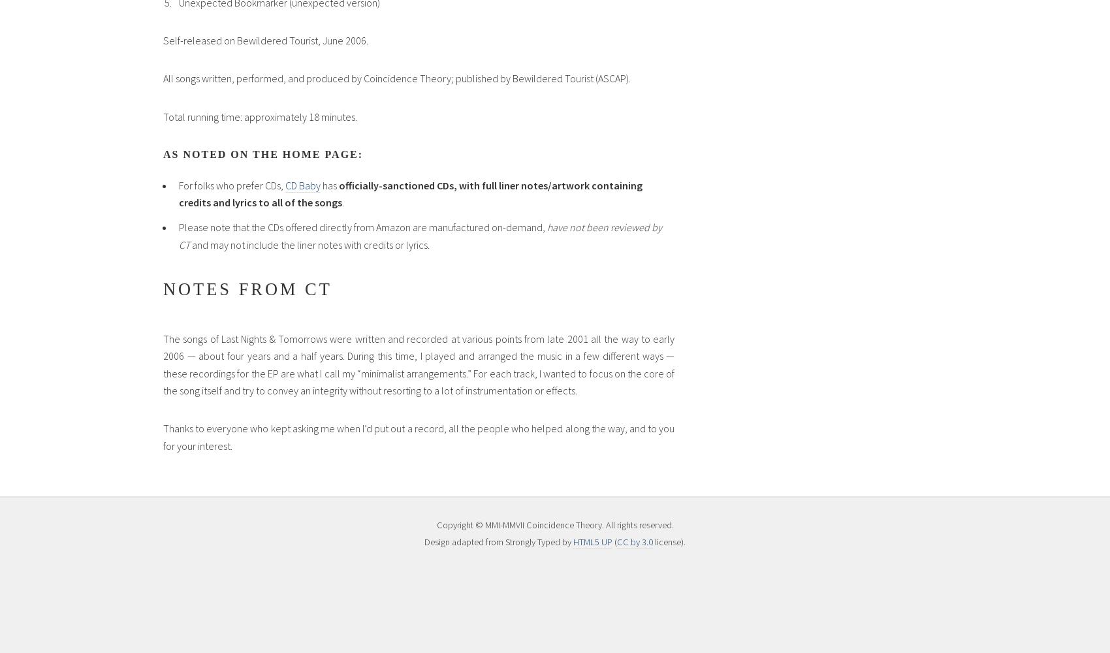 The width and height of the screenshot is (1110, 653). What do you see at coordinates (396, 78) in the screenshot?
I see `'All songs written, performed, and produced by Coincidence Theory; published by Bewildered Tourist (ASCAP).'` at bounding box center [396, 78].